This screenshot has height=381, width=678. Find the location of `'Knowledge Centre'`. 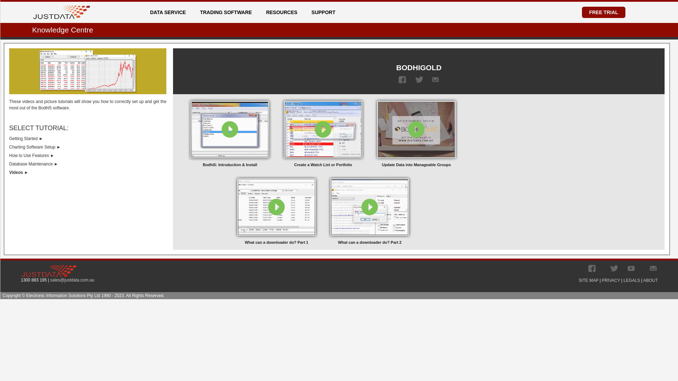

'Knowledge Centre' is located at coordinates (63, 29).